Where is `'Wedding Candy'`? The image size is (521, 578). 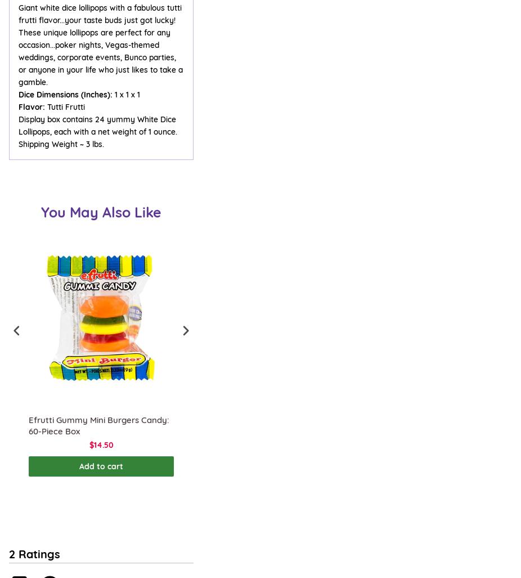 'Wedding Candy' is located at coordinates (37, 307).